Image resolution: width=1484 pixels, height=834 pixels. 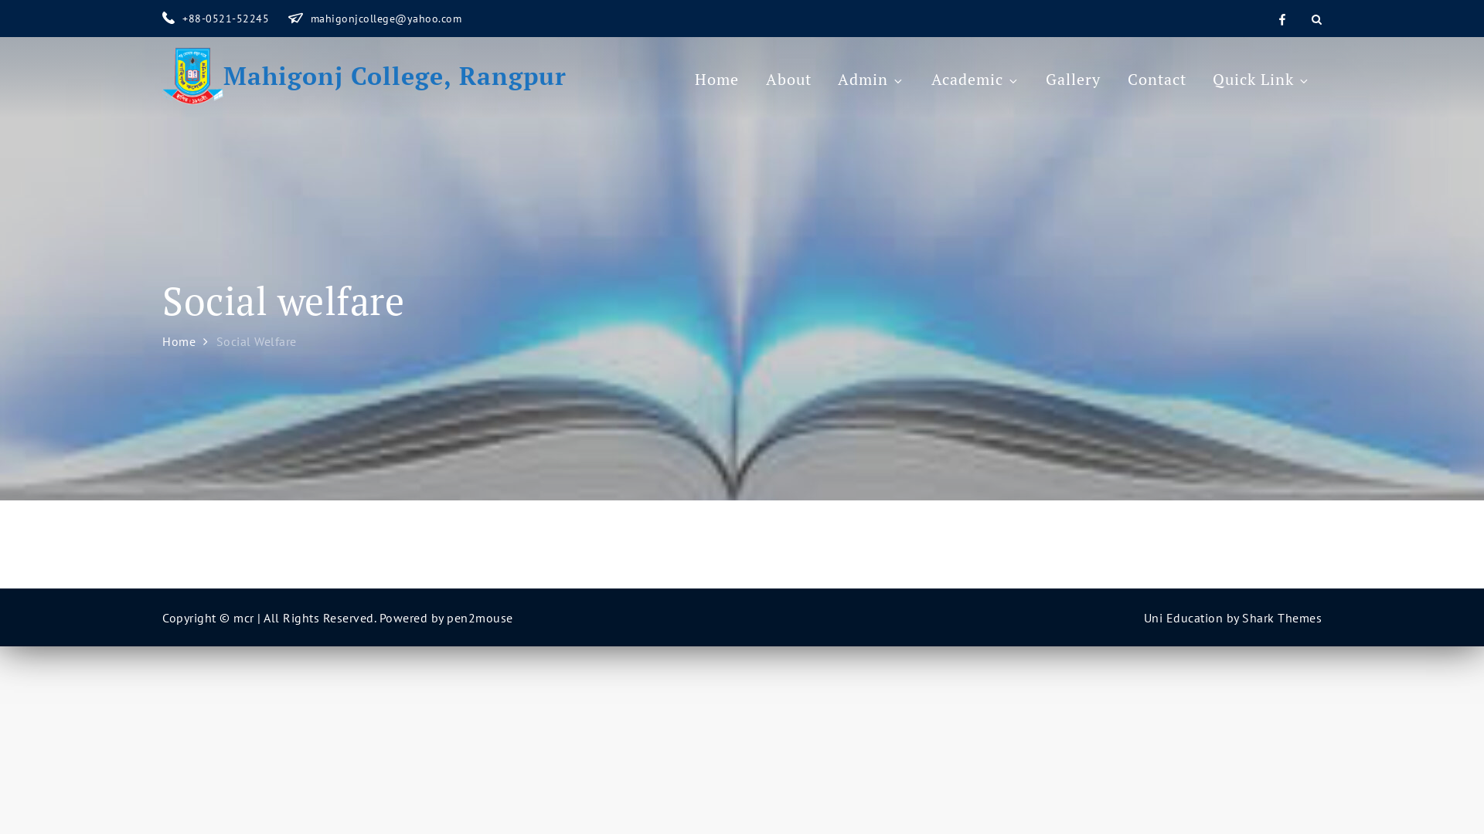 What do you see at coordinates (1276, 18) in the screenshot?
I see `'Facebook'` at bounding box center [1276, 18].